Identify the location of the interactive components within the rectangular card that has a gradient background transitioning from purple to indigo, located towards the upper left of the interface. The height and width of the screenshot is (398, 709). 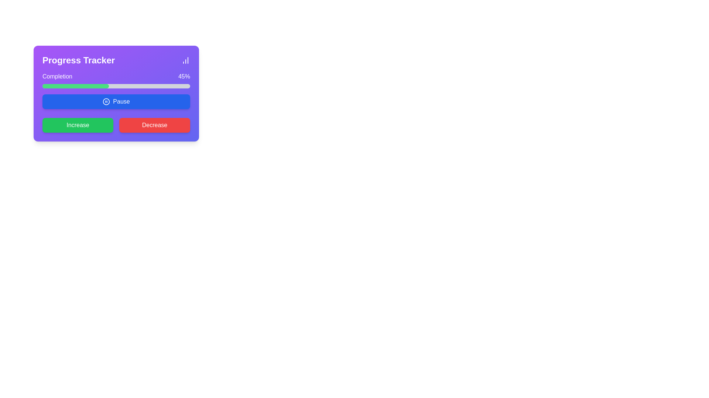
(116, 93).